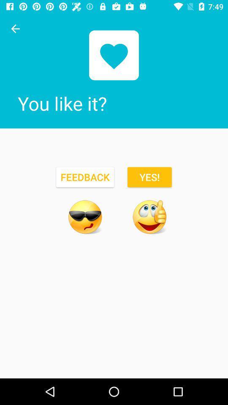 This screenshot has height=405, width=228. Describe the element at coordinates (149, 216) in the screenshot. I see `like button` at that location.